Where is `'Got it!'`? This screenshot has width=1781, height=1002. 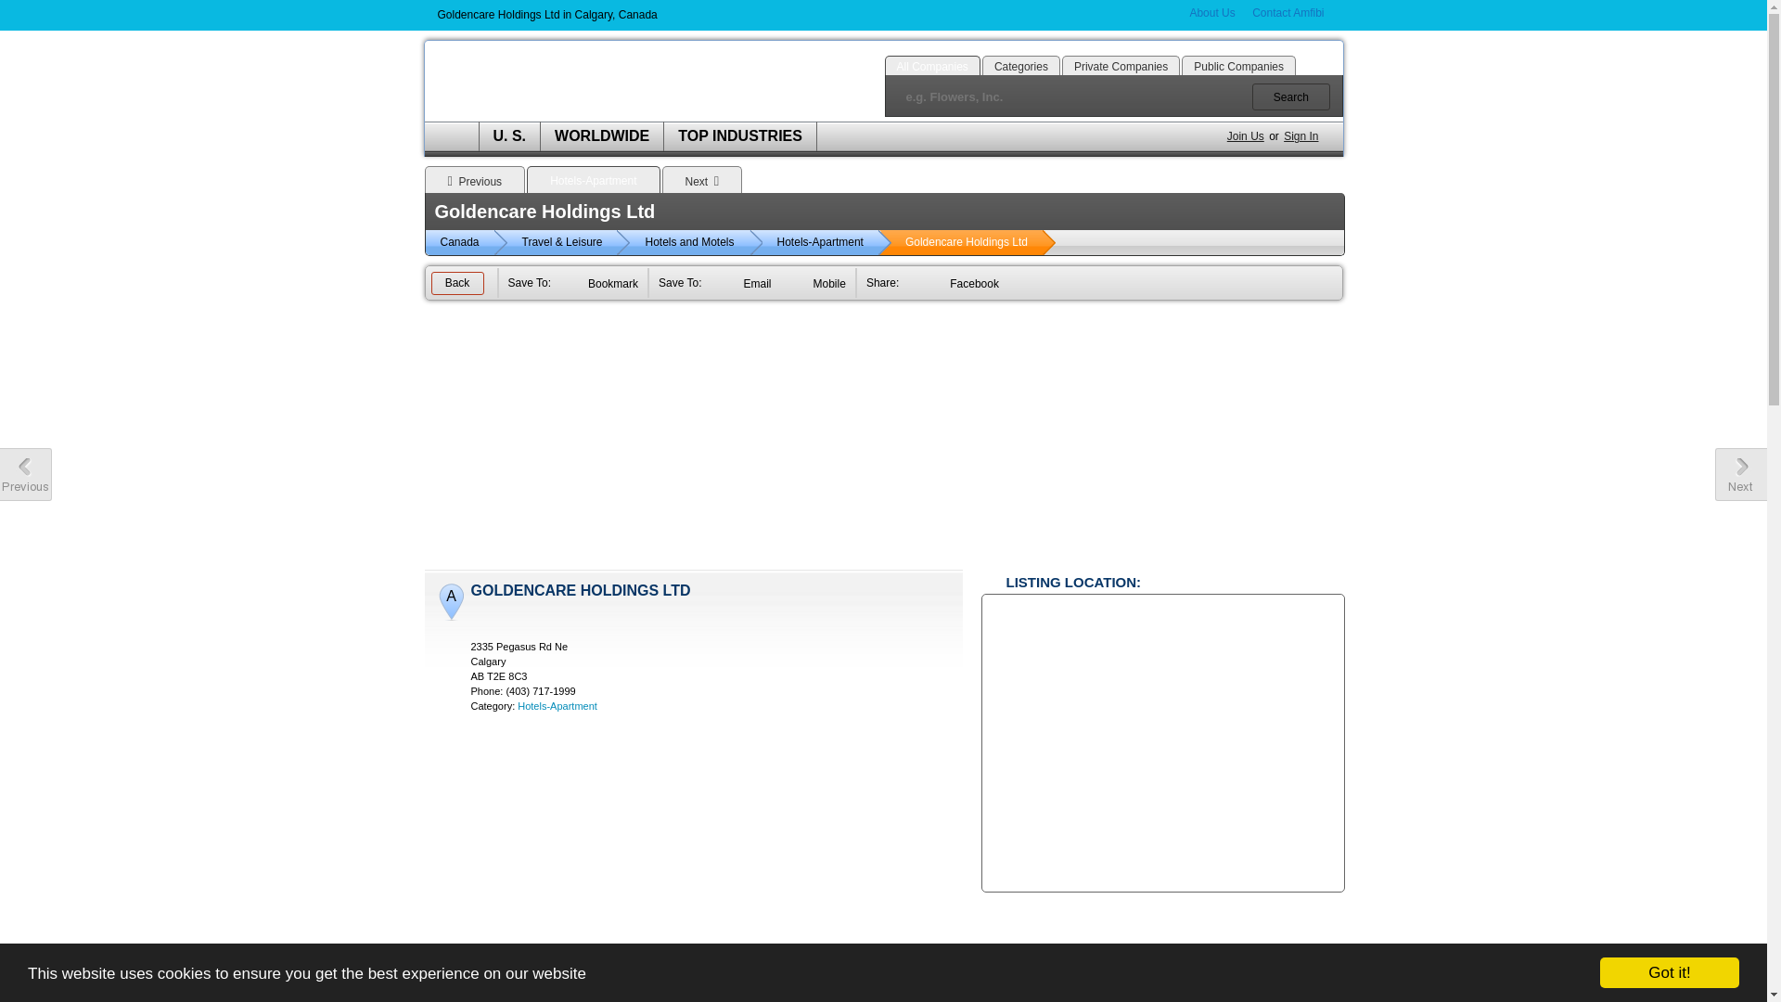 'Got it!' is located at coordinates (1598, 971).